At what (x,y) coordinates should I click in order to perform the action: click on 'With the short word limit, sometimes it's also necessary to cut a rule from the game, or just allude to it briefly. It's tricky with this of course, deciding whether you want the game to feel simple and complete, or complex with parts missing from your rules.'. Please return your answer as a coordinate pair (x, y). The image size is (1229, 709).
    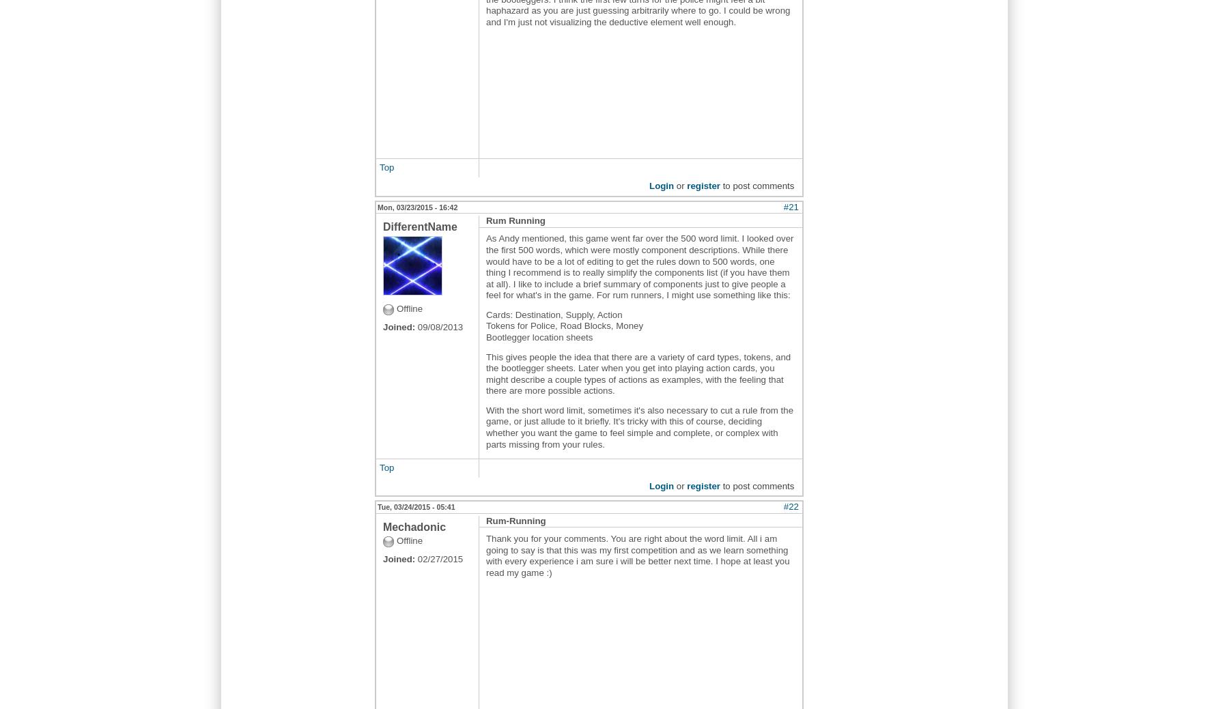
    Looking at the image, I should click on (639, 426).